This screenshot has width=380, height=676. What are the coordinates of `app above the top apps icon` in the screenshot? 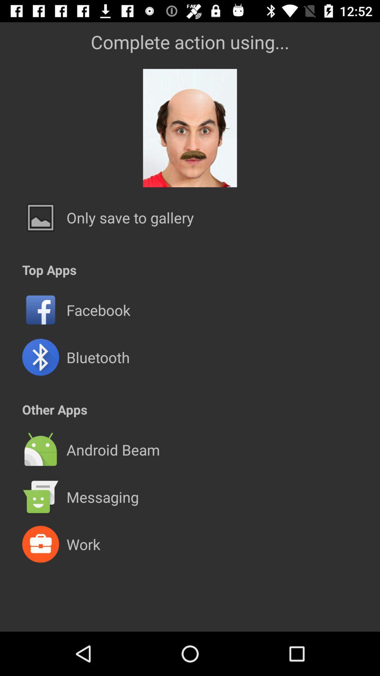 It's located at (130, 217).